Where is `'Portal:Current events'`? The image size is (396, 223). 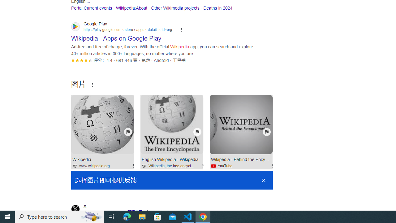 'Portal:Current events' is located at coordinates (91, 8).